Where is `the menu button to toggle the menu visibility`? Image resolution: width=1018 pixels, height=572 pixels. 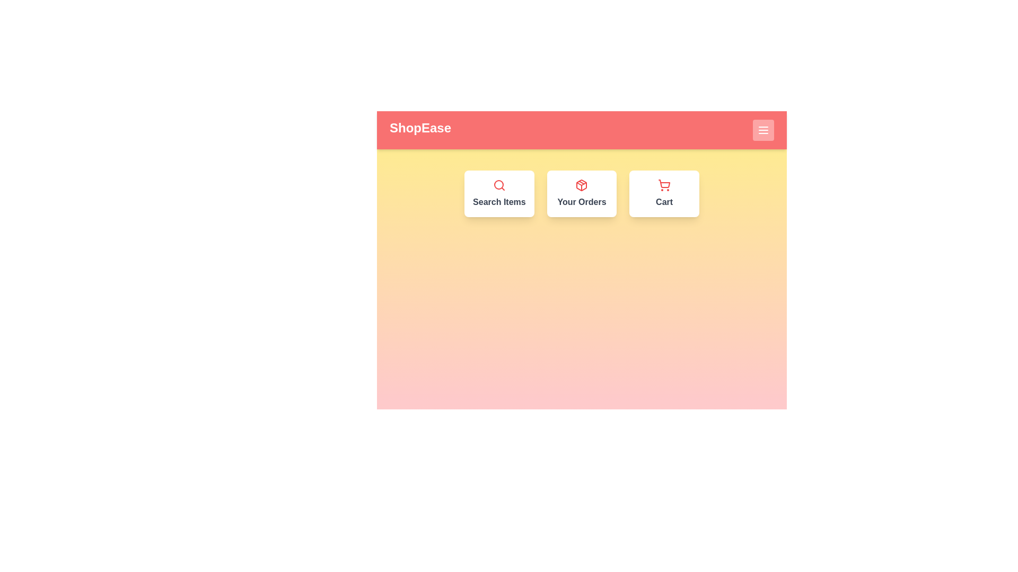 the menu button to toggle the menu visibility is located at coordinates (763, 130).